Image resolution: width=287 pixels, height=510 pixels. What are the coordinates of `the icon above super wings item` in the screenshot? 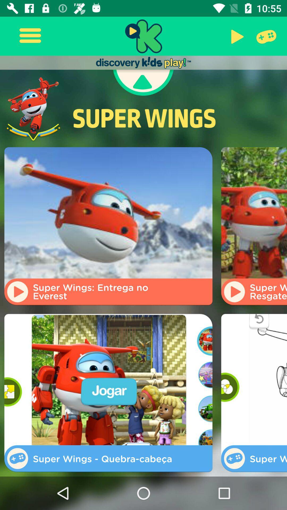 It's located at (236, 36).